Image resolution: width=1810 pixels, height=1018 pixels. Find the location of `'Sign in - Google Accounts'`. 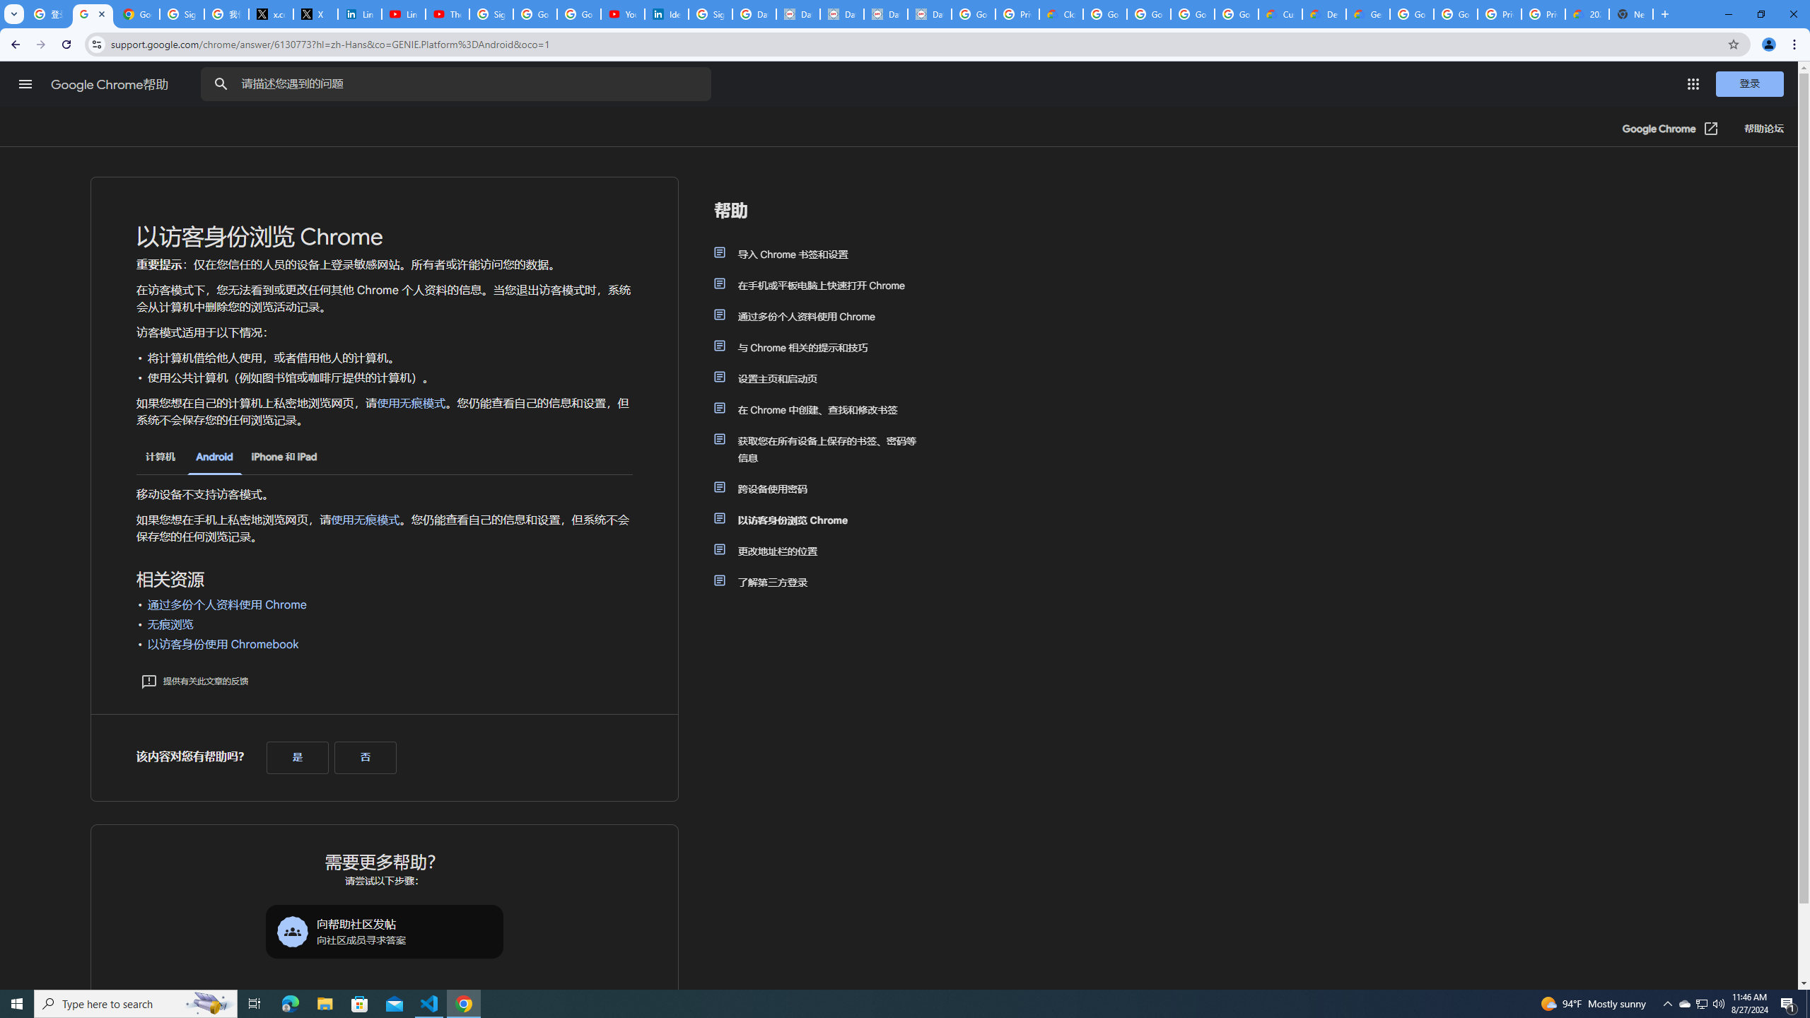

'Sign in - Google Accounts' is located at coordinates (491, 13).